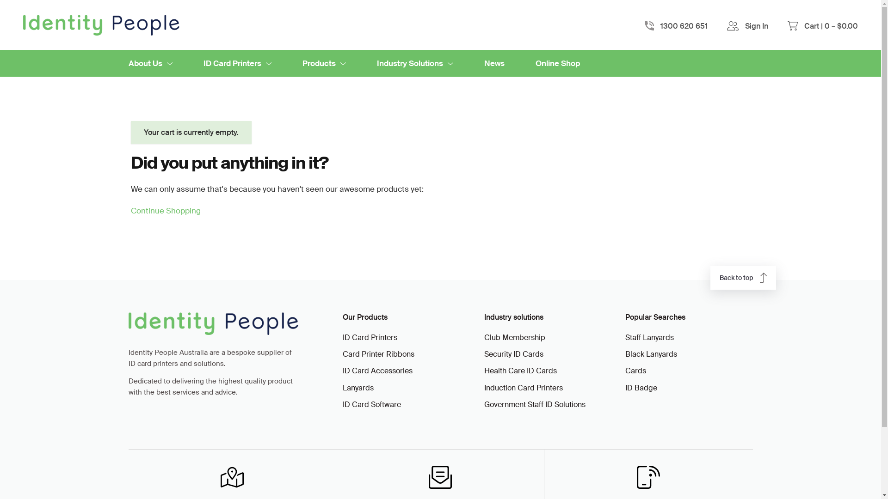 The height and width of the screenshot is (499, 888). I want to click on '1300 620 651', so click(684, 24).